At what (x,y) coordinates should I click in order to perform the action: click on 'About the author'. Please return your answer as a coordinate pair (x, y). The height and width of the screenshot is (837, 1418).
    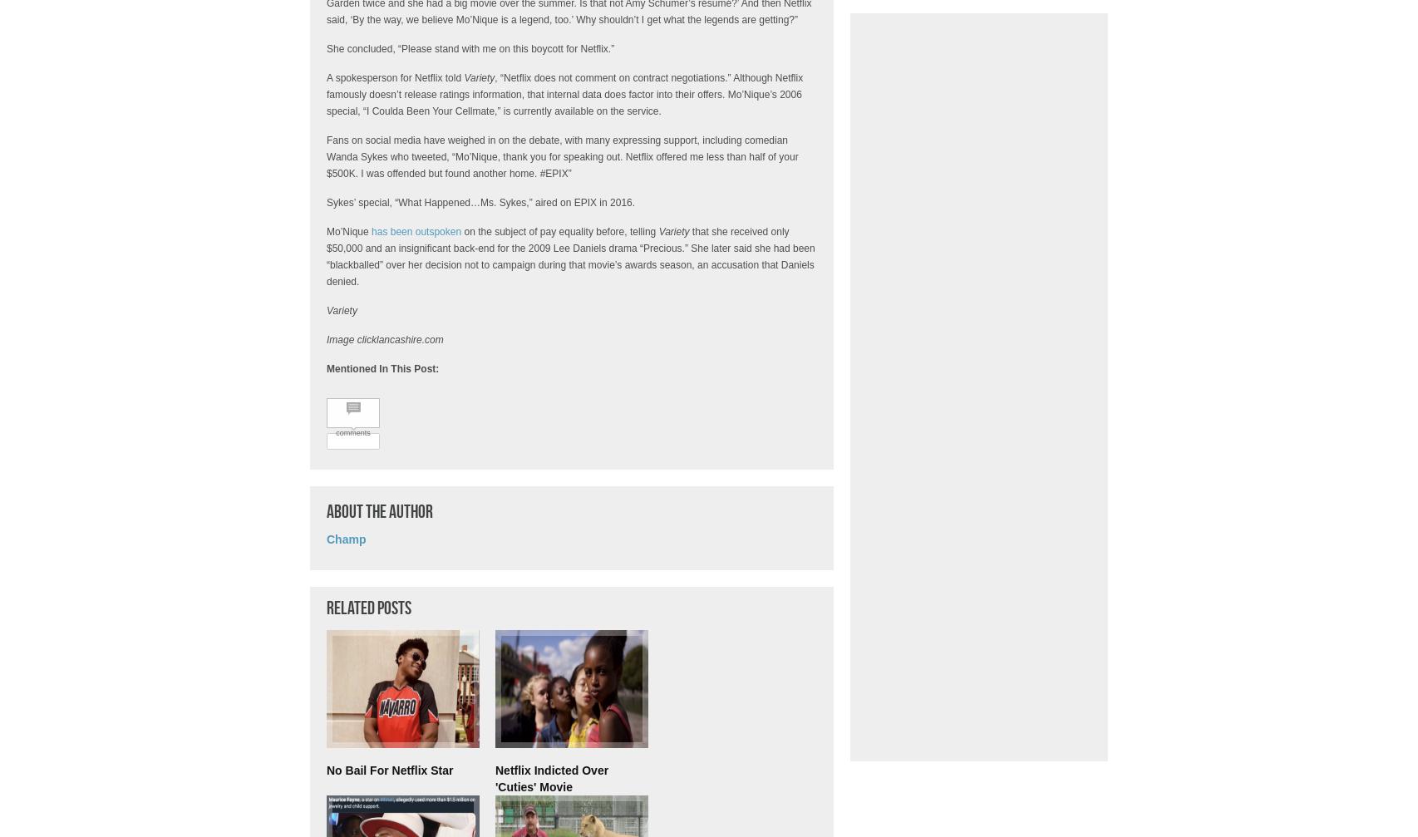
    Looking at the image, I should click on (379, 510).